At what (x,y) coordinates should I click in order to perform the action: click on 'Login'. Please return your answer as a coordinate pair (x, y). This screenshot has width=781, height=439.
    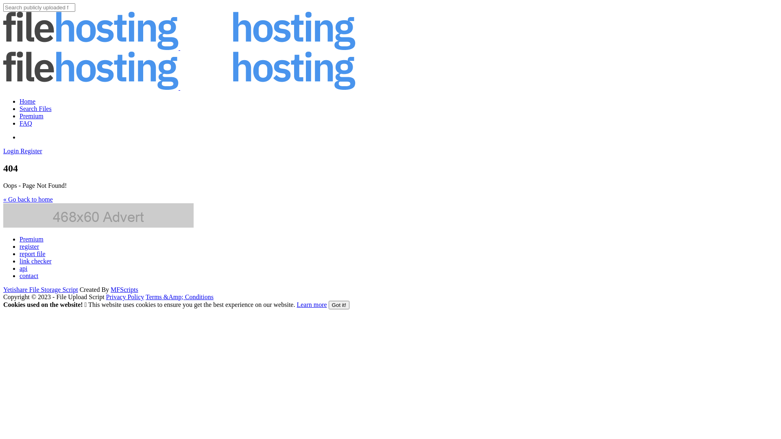
    Looking at the image, I should click on (11, 151).